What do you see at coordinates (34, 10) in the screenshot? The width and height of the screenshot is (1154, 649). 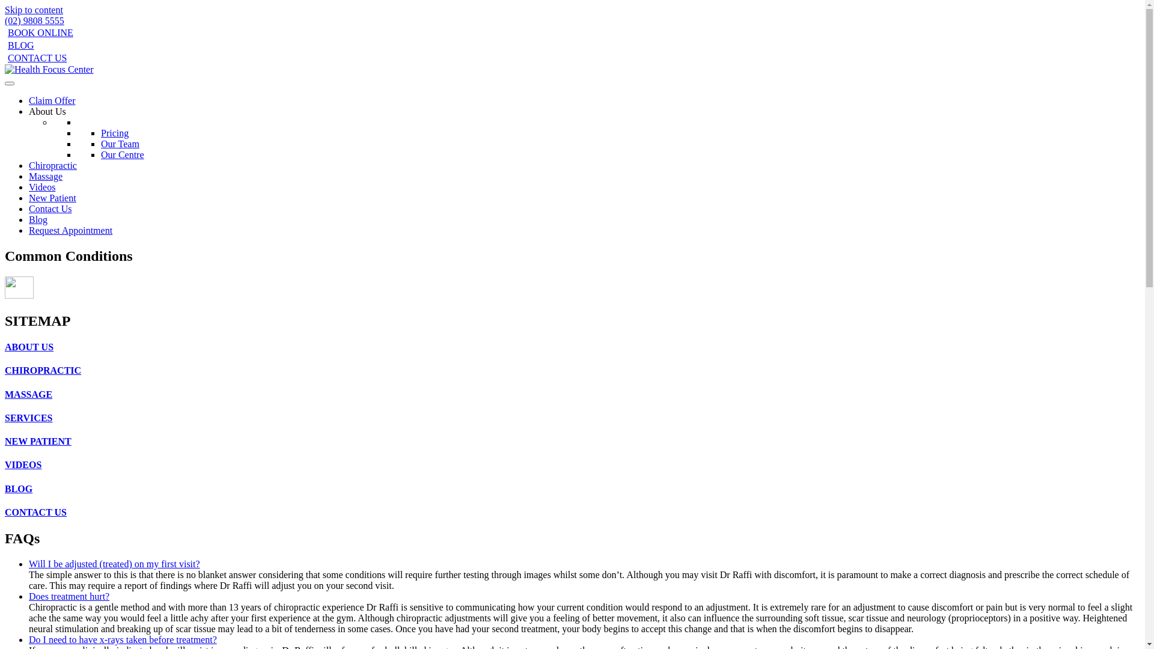 I see `'Skip to content'` at bounding box center [34, 10].